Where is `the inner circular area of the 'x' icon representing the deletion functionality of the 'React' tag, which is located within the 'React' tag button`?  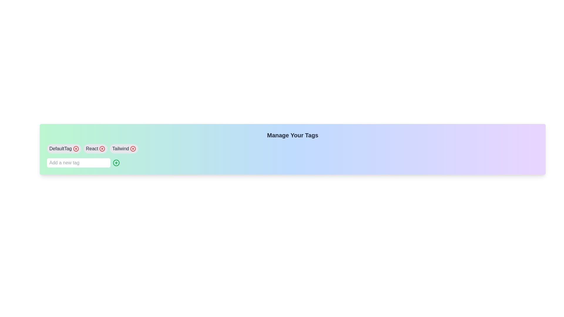 the inner circular area of the 'x' icon representing the deletion functionality of the 'React' tag, which is located within the 'React' tag button is located at coordinates (102, 148).